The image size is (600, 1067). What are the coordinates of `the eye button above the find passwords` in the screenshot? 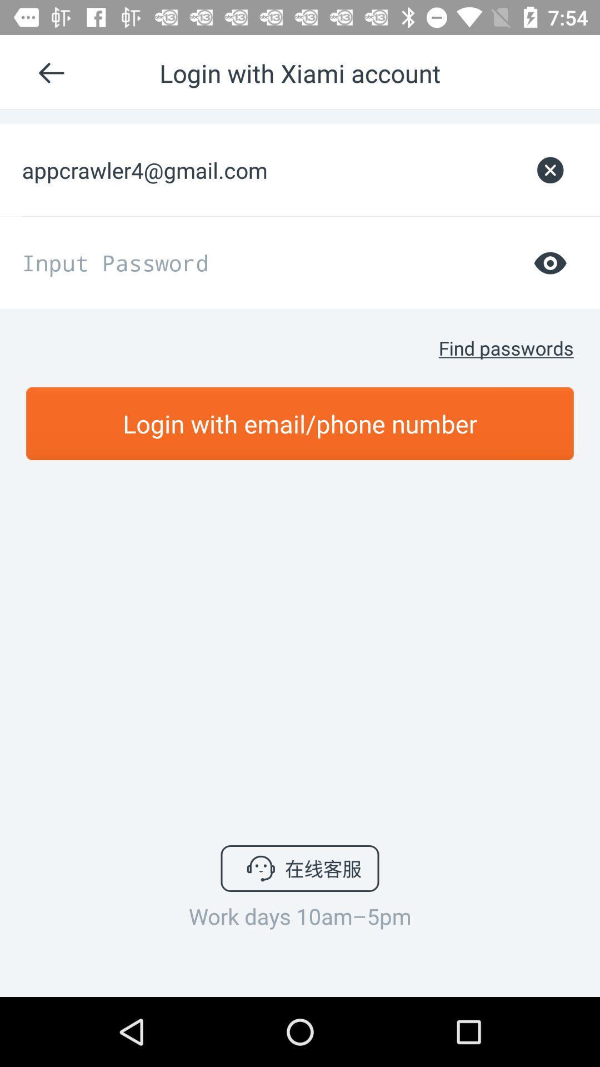 It's located at (551, 262).